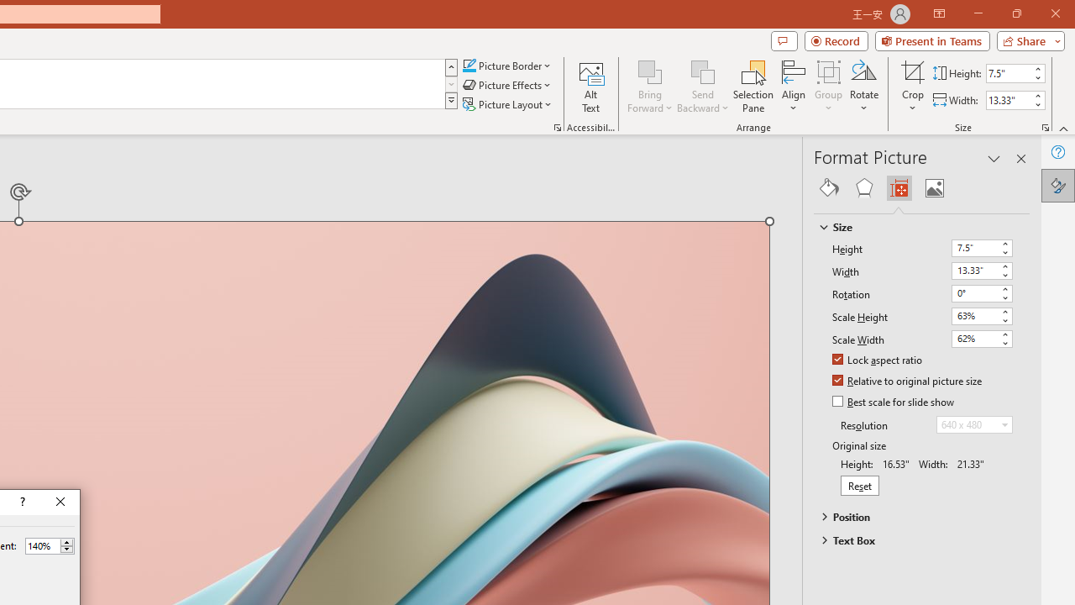  I want to click on 'Picture Border Blue, Accent 1', so click(469, 65).